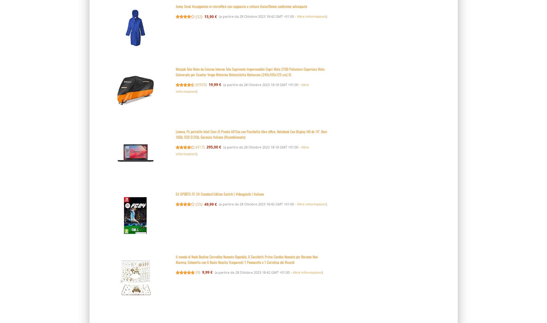  I want to click on 'EA SPORTS FC 24 Standard Edition Switch | Videogiochi | Italiano', so click(175, 194).